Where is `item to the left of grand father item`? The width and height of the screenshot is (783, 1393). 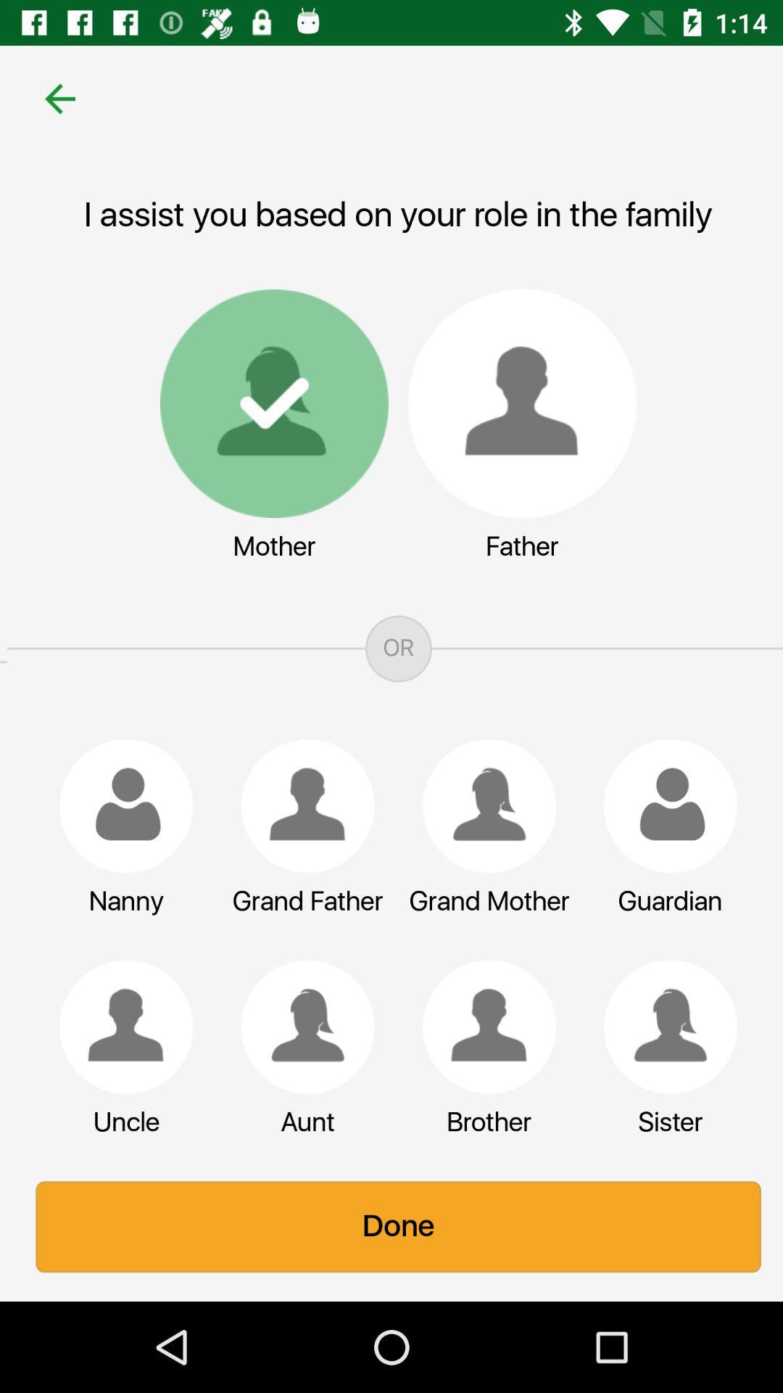
item to the left of grand father item is located at coordinates (118, 805).